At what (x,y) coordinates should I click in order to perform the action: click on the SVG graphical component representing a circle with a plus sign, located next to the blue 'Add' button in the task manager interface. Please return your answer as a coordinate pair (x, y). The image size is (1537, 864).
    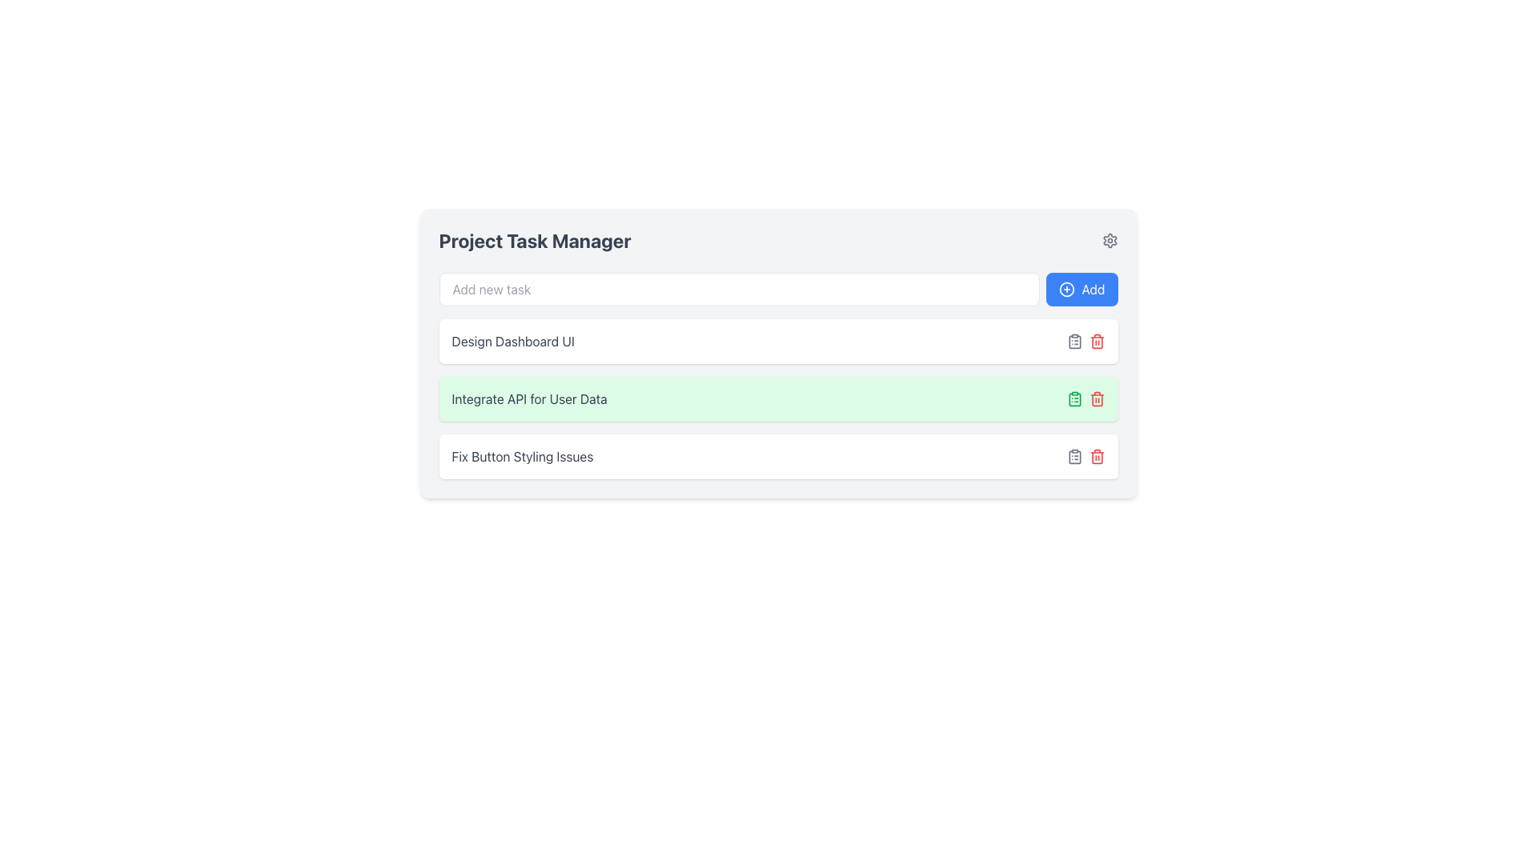
    Looking at the image, I should click on (1067, 290).